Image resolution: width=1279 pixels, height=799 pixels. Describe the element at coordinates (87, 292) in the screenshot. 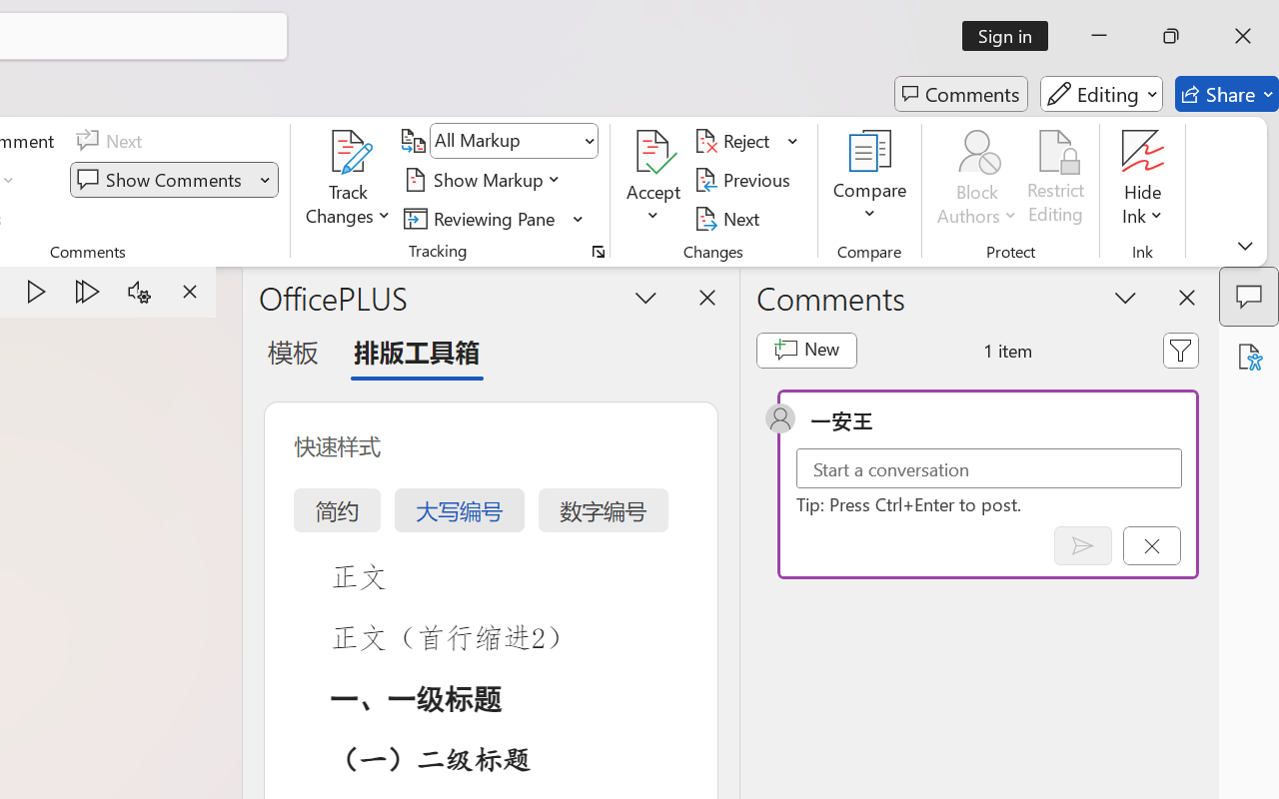

I see `'Next Paragraph'` at that location.